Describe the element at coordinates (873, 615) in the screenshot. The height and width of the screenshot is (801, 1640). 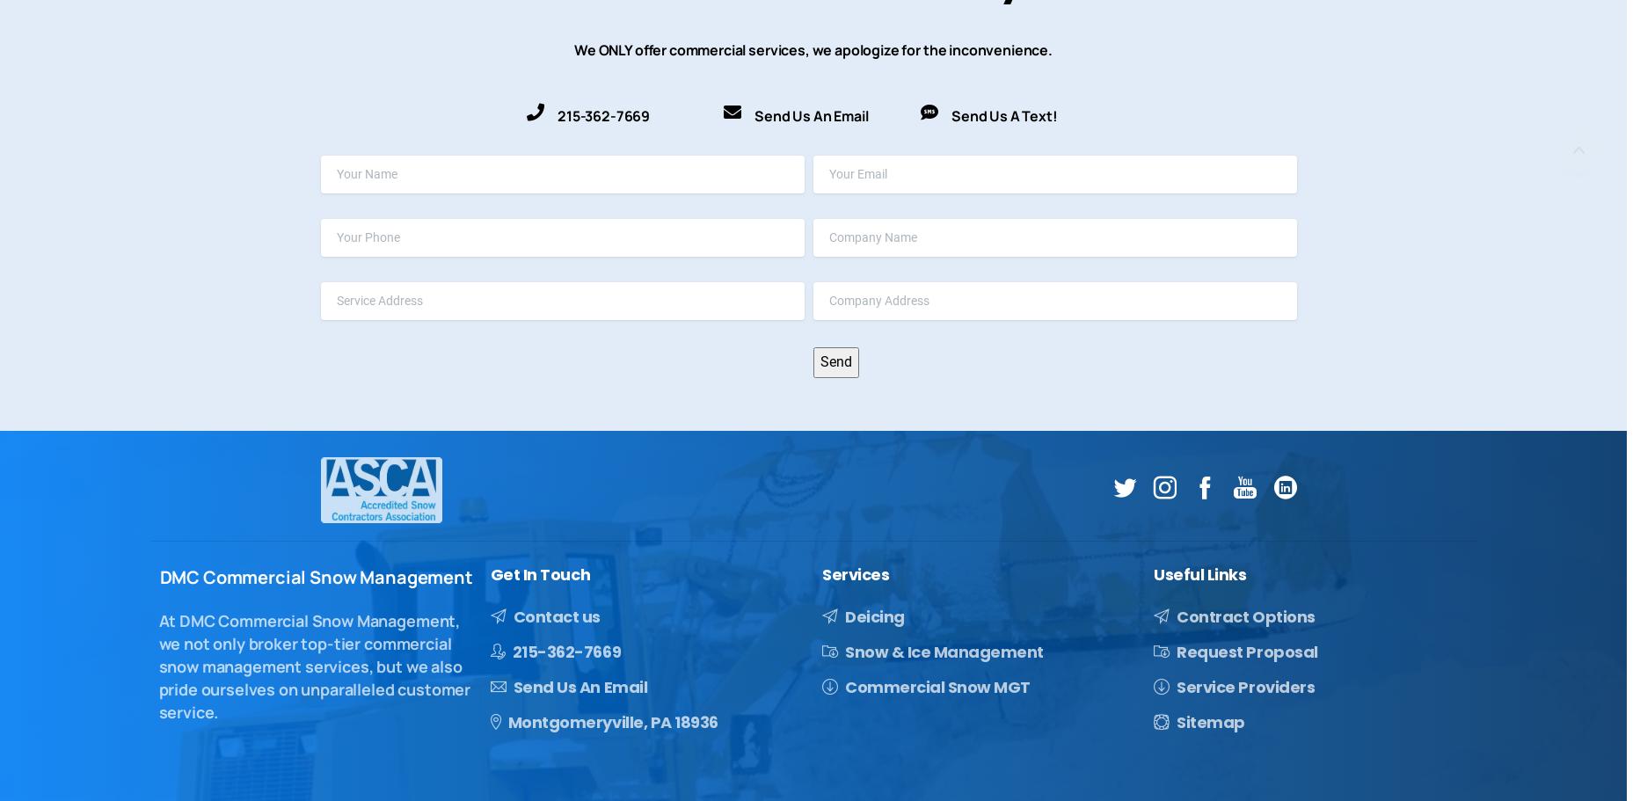
I see `'Deicing'` at that location.